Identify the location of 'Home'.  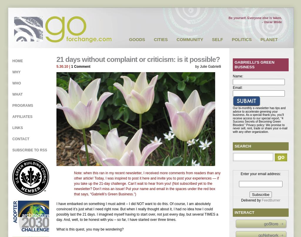
(17, 61).